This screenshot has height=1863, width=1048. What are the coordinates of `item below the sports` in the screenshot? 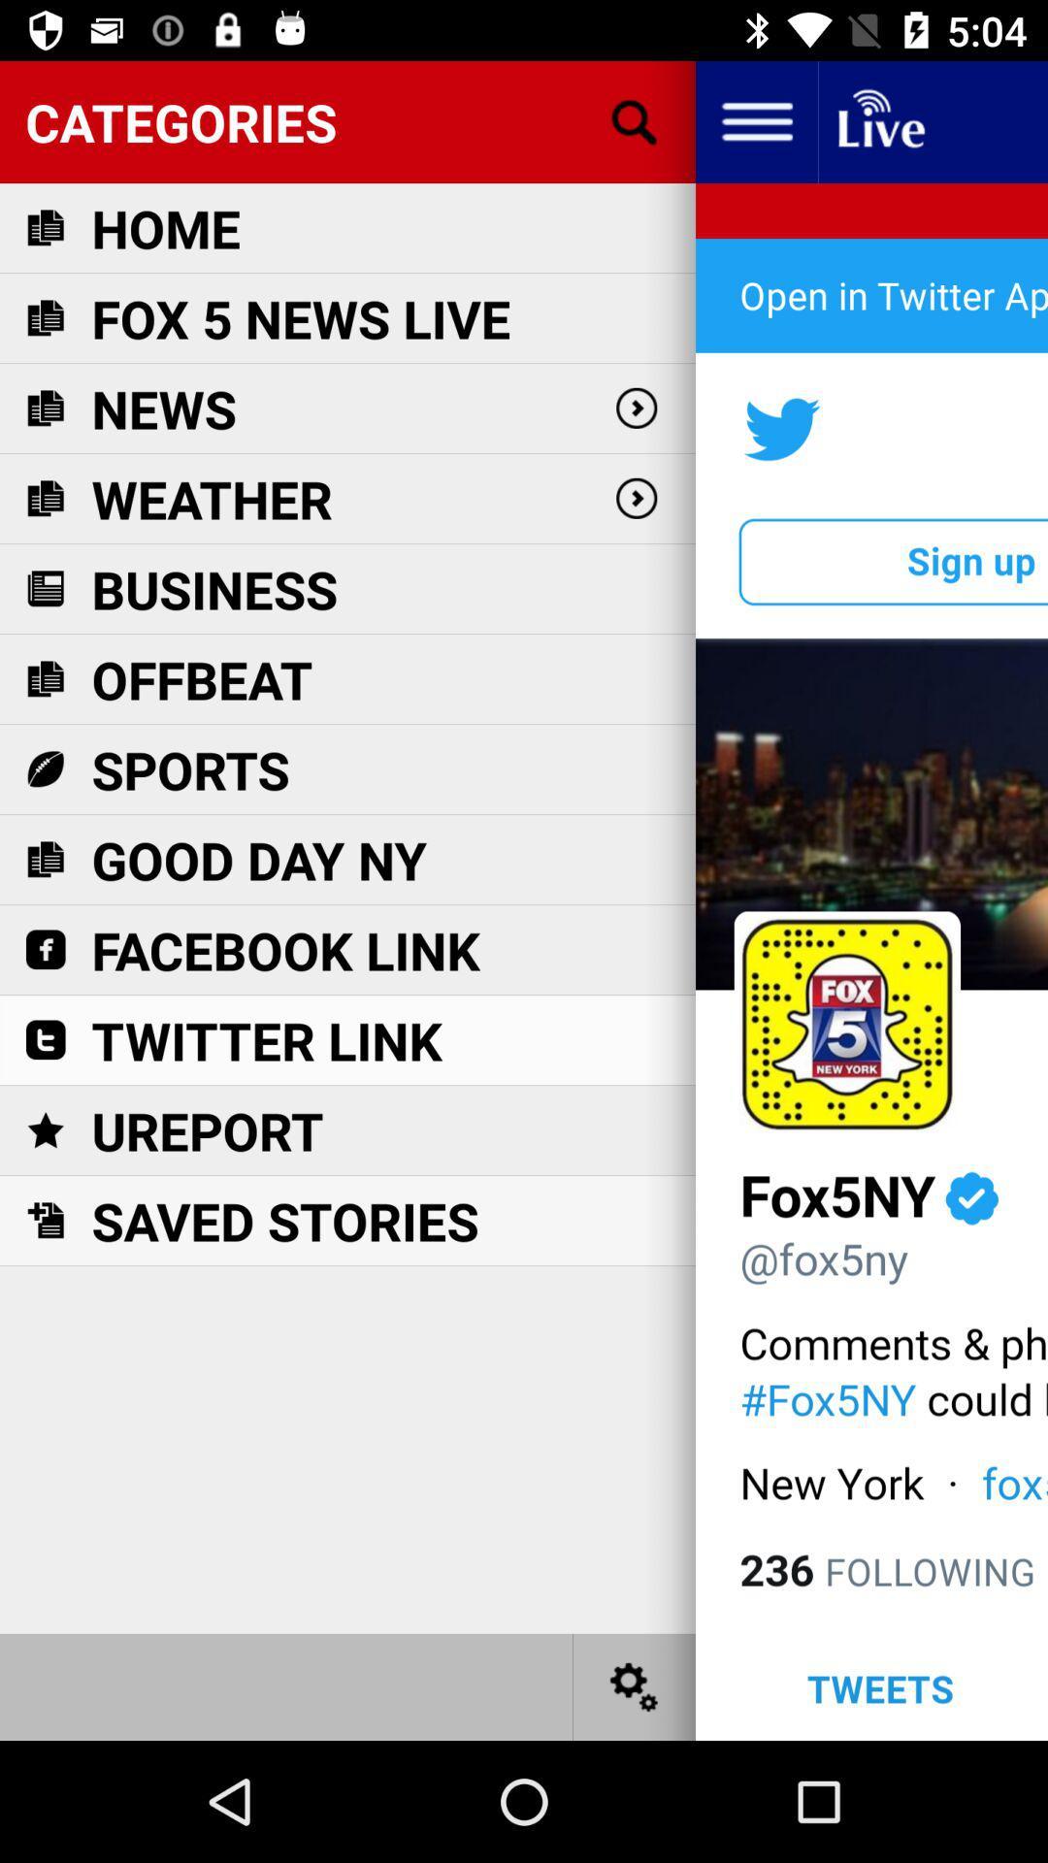 It's located at (258, 859).